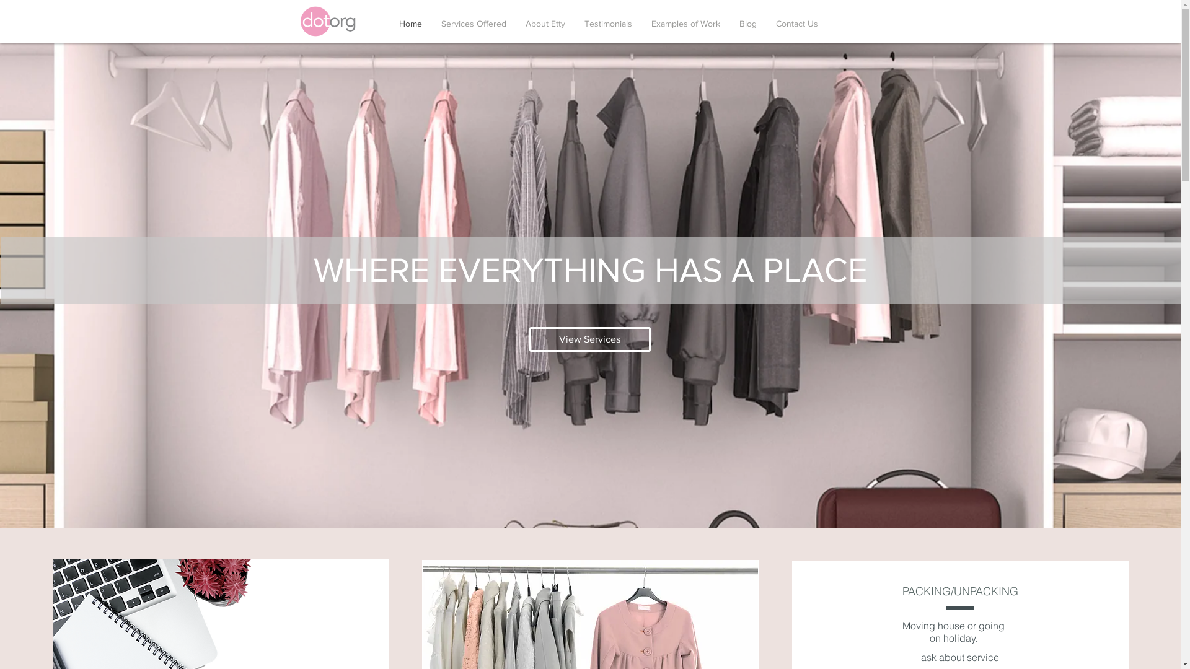  Describe the element at coordinates (545, 24) in the screenshot. I see `'About Etty'` at that location.